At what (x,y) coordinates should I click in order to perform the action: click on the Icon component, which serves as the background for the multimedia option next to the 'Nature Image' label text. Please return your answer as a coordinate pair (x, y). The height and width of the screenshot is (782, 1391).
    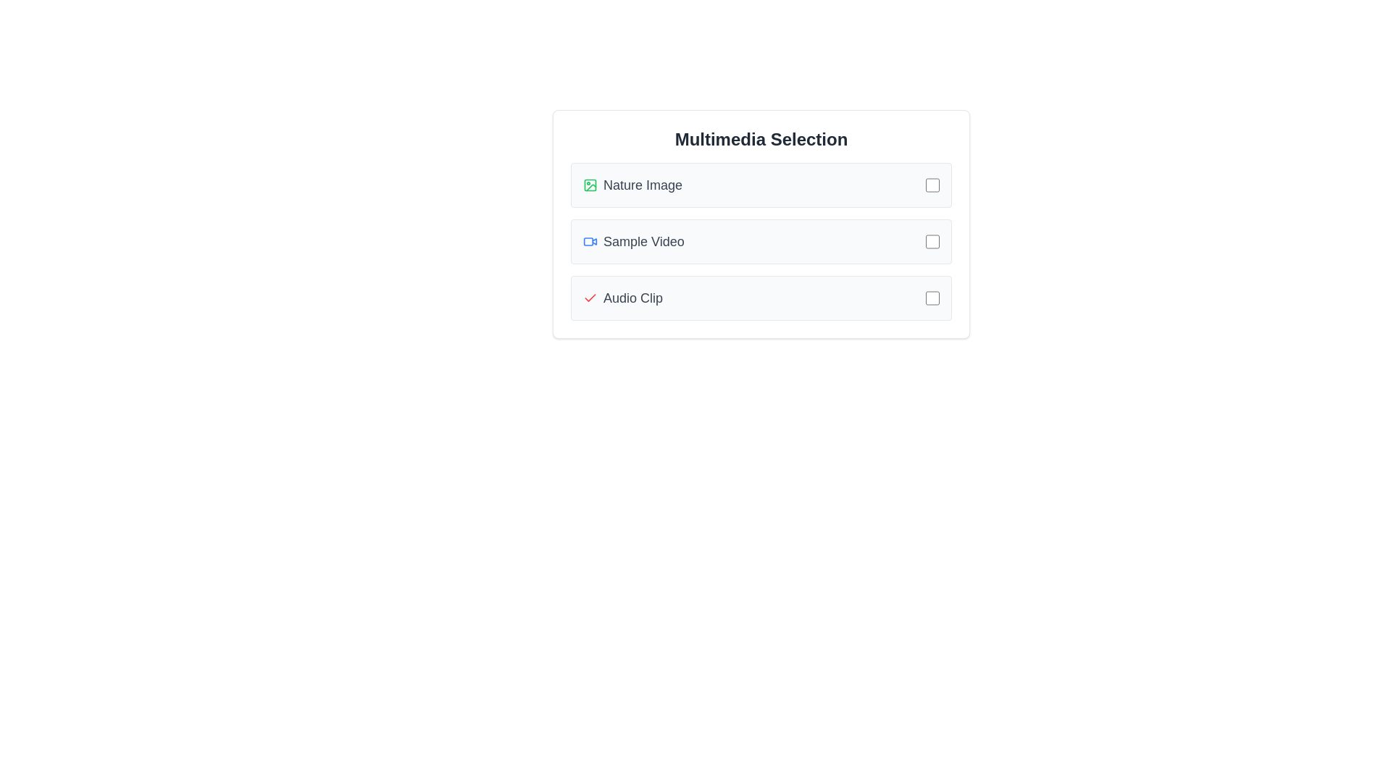
    Looking at the image, I should click on (590, 184).